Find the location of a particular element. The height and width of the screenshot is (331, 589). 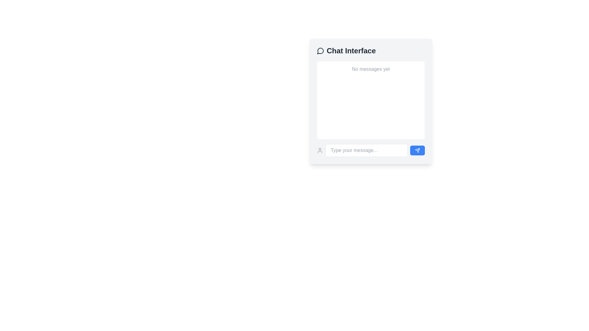

the input box of the message input area to focus and type a message is located at coordinates (371, 150).